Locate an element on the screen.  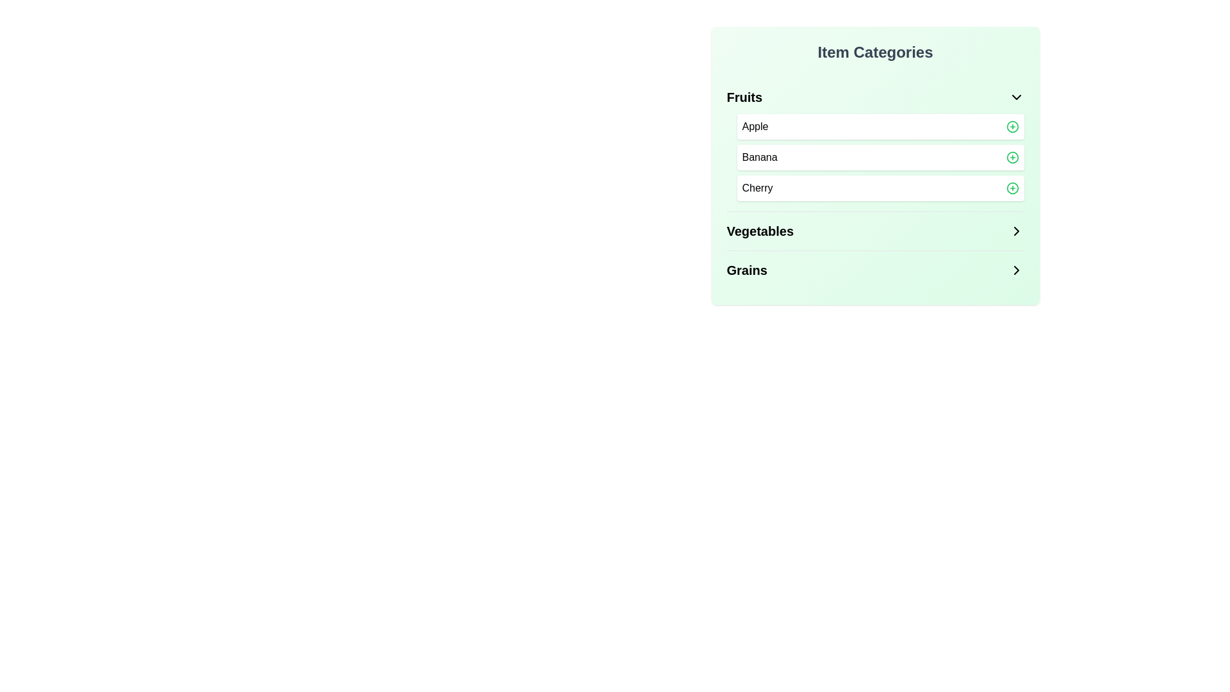
the 'add' icon next to the item Banana is located at coordinates (1012, 157).